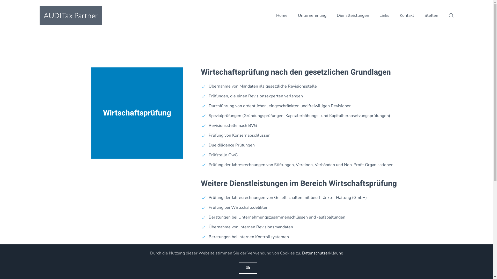  What do you see at coordinates (248, 268) in the screenshot?
I see `'Ok'` at bounding box center [248, 268].